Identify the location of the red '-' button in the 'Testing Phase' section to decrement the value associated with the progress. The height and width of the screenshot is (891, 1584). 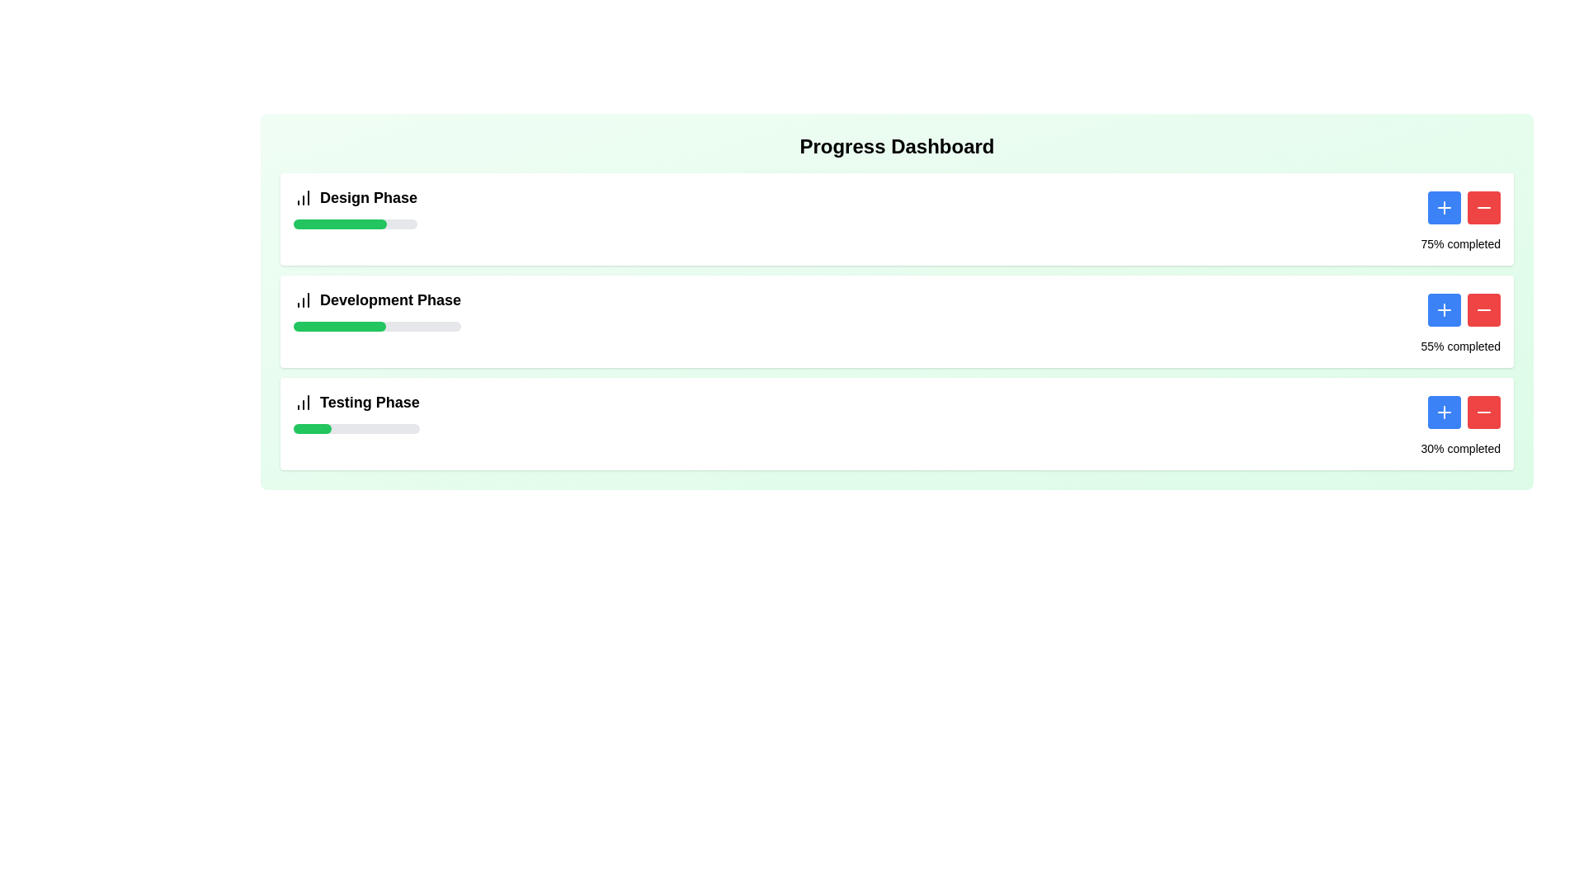
(1464, 412).